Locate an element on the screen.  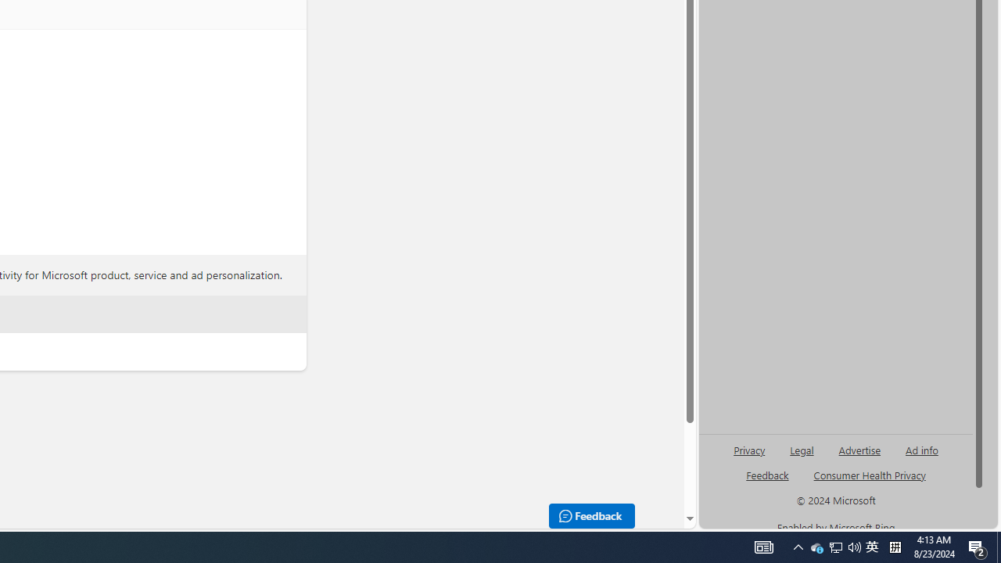
'AutomationID: sb_feedback' is located at coordinates (767, 474).